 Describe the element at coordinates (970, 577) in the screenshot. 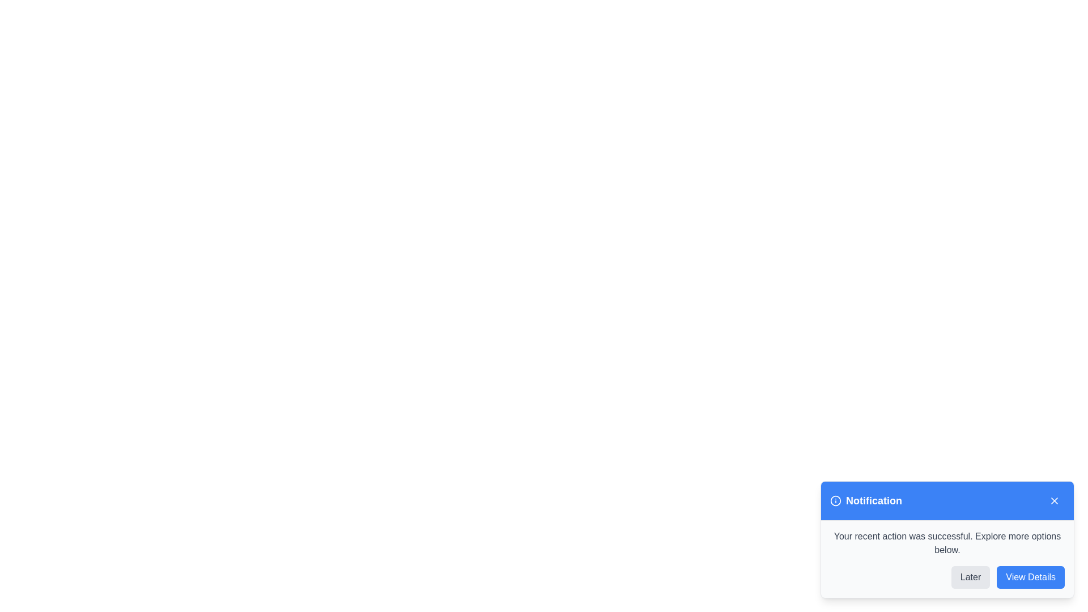

I see `the 'Later' button, which is a rounded rectangular button with dark gray text on a light gray background, located at the bottom-right of the notification modal` at that location.